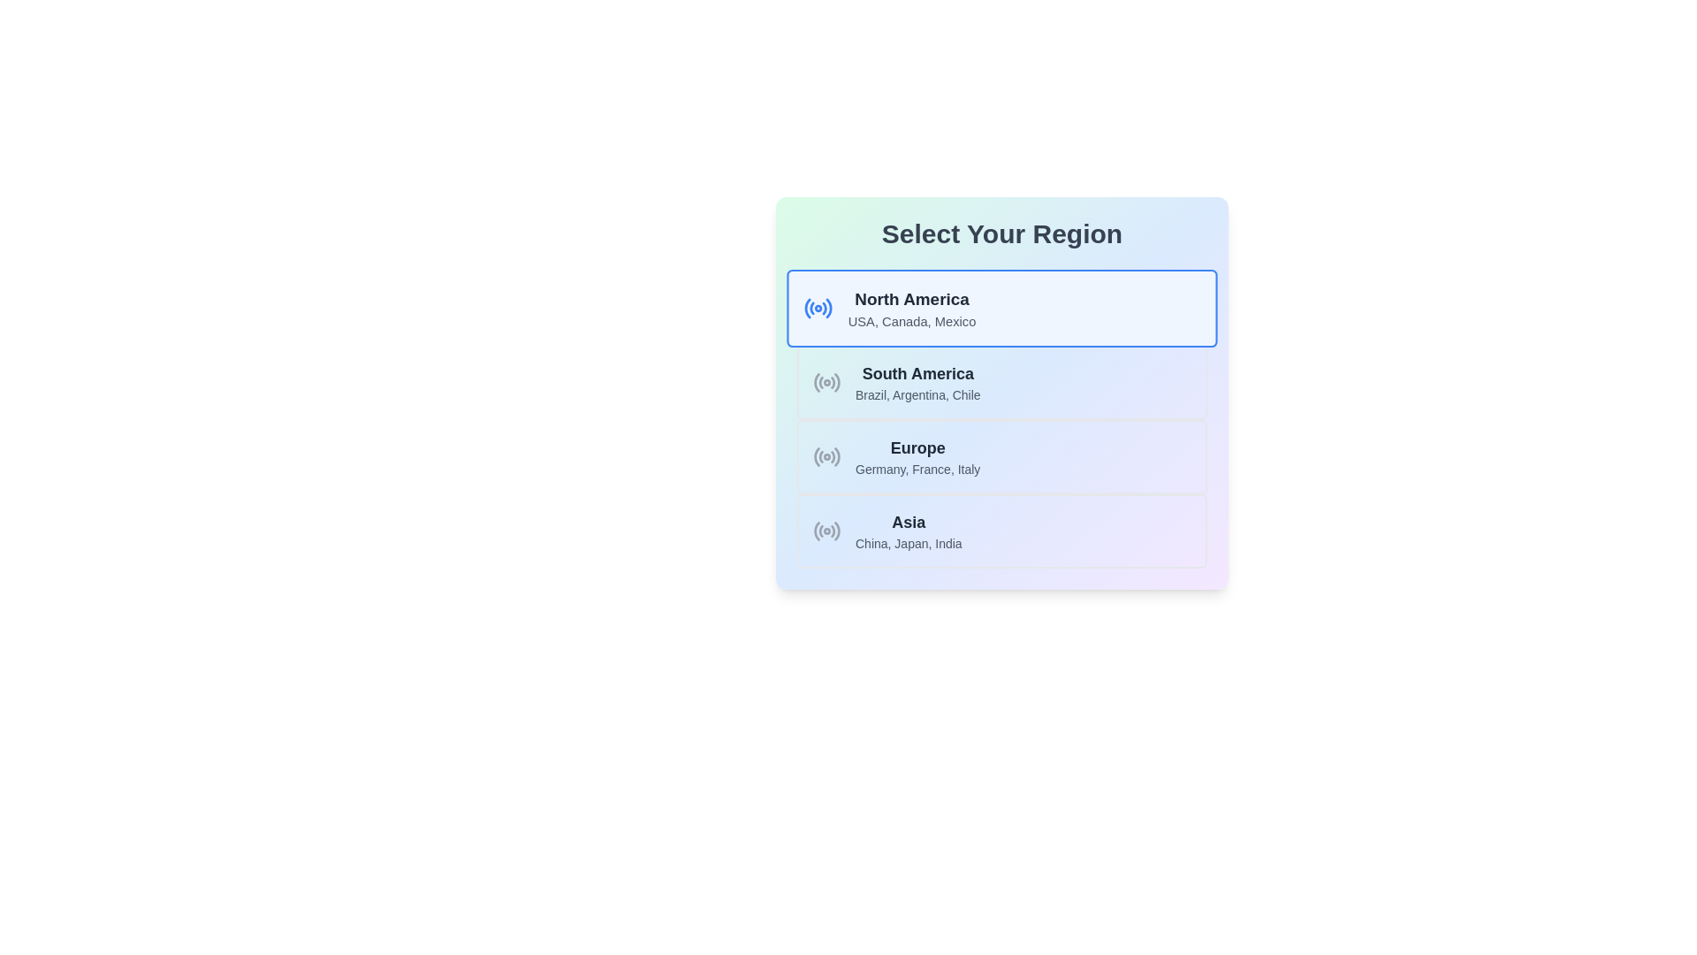 Image resolution: width=1697 pixels, height=955 pixels. Describe the element at coordinates (917, 373) in the screenshot. I see `the 'South America' text label, which is styled in bold and larger than adjacent text, located in the second row of the region selection interface under the card titled 'Select Your Region'` at that location.